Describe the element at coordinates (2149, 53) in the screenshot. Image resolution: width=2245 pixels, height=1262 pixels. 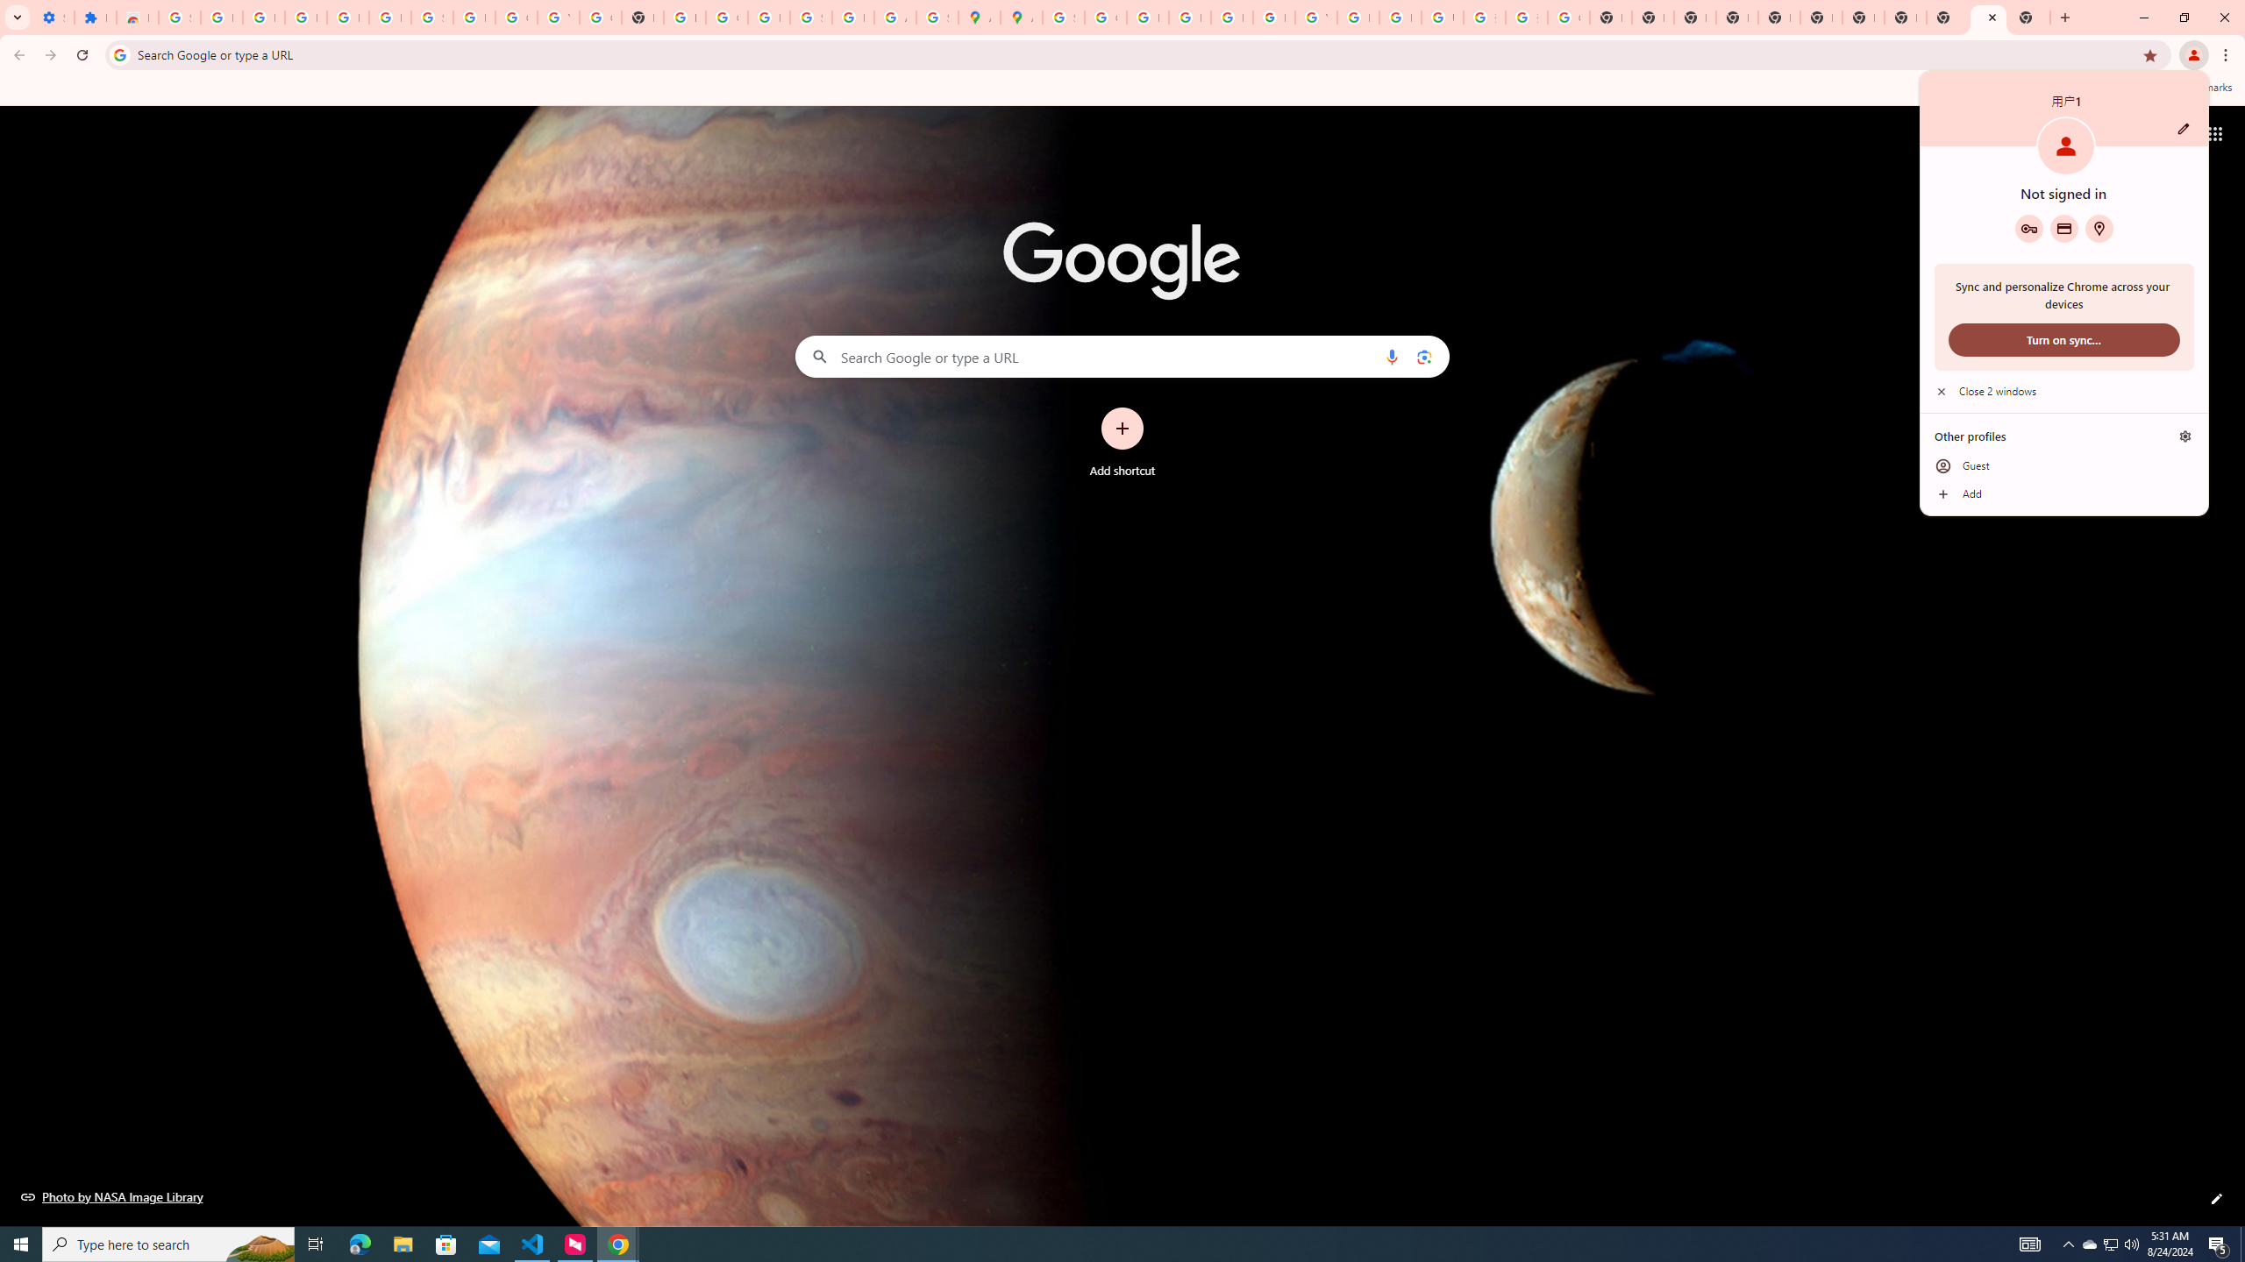
I see `'Bookmark this tab'` at that location.